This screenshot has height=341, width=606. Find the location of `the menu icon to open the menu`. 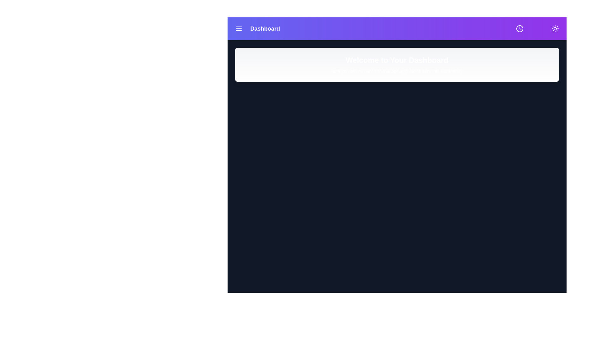

the menu icon to open the menu is located at coordinates (239, 29).